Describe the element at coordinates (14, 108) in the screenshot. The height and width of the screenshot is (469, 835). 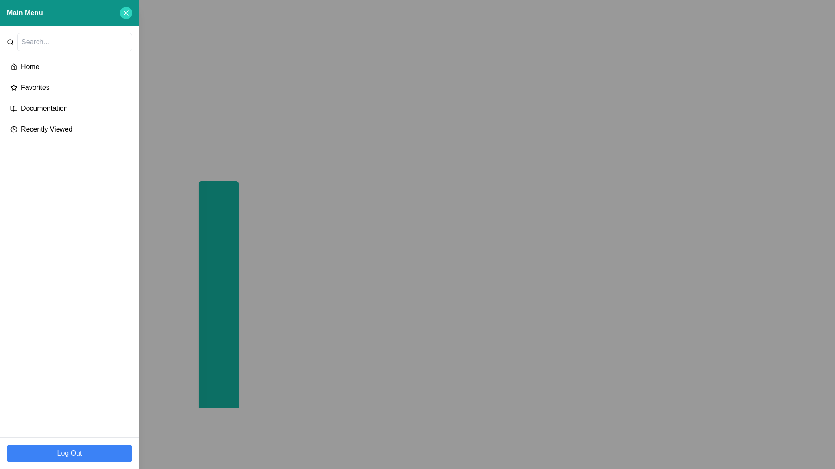
I see `the open book icon located in the left sidebar's menu section, which is part of the 'Documentation' menu entry, positioned below 'Favorites' and above 'Recently Viewed'` at that location.